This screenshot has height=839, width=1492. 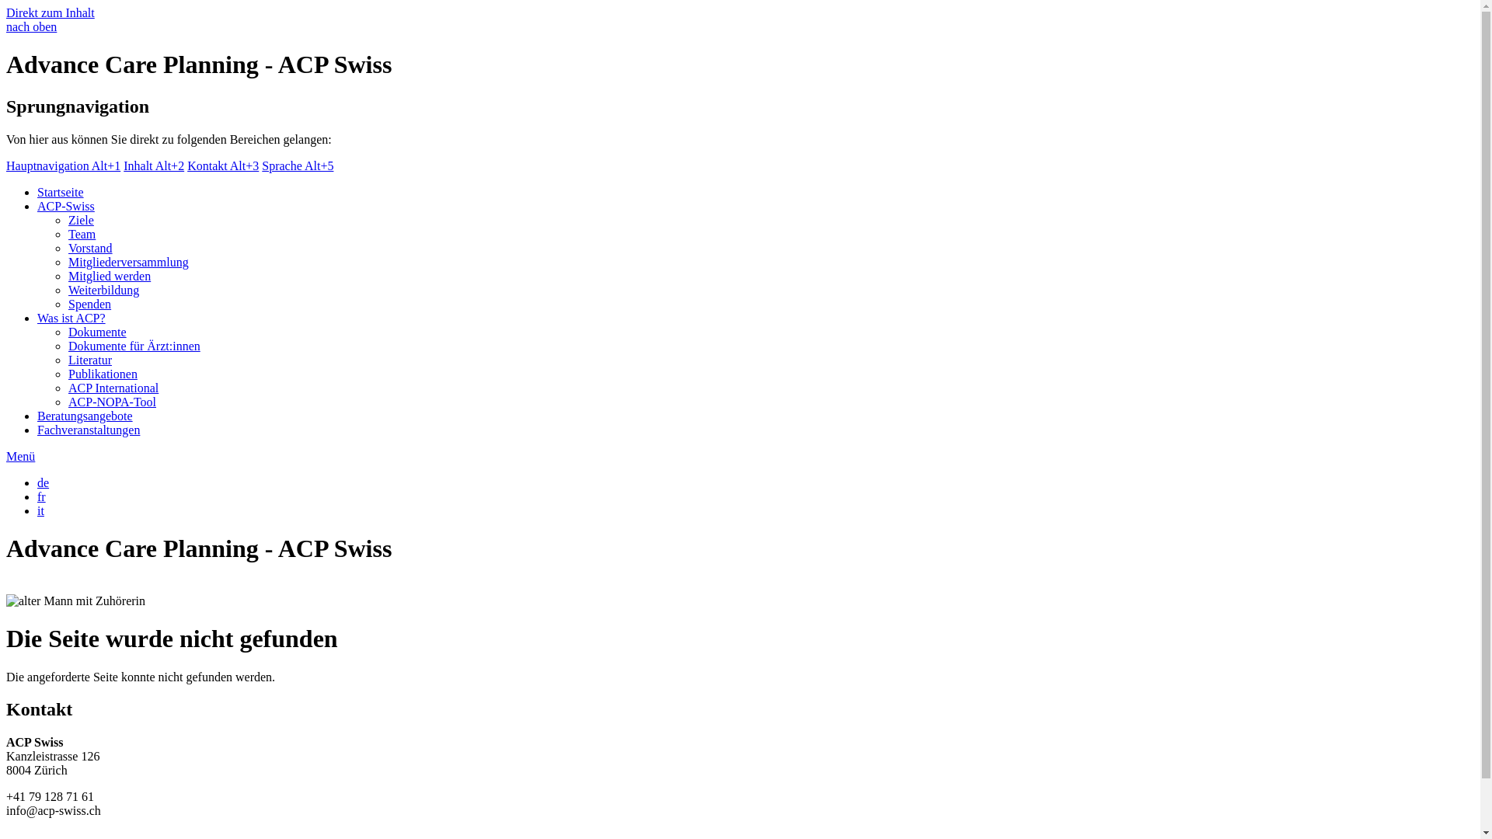 I want to click on 'Kontakt Alt+3', so click(x=222, y=165).